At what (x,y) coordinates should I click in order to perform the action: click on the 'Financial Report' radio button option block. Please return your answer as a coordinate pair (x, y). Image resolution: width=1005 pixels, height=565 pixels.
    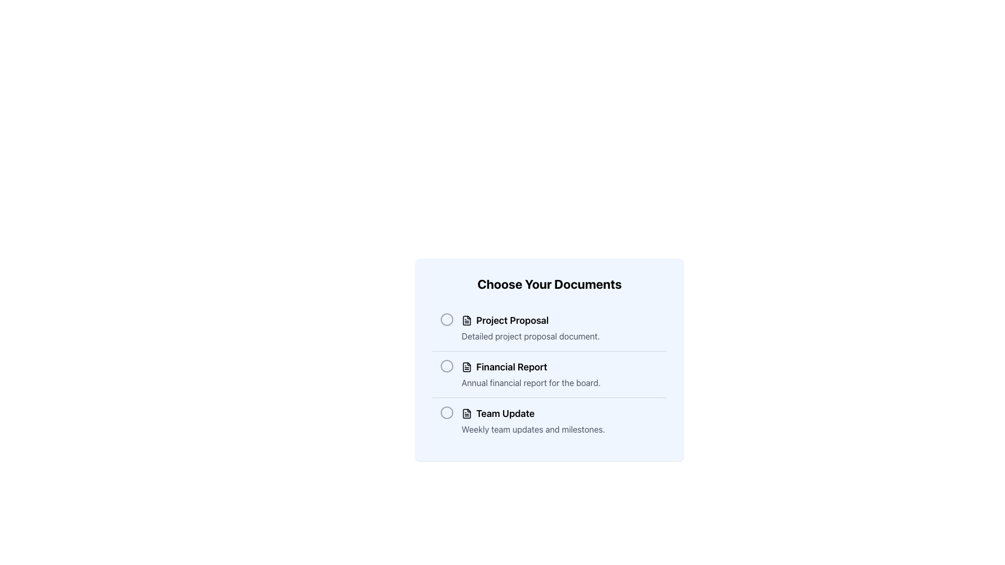
    Looking at the image, I should click on (549, 373).